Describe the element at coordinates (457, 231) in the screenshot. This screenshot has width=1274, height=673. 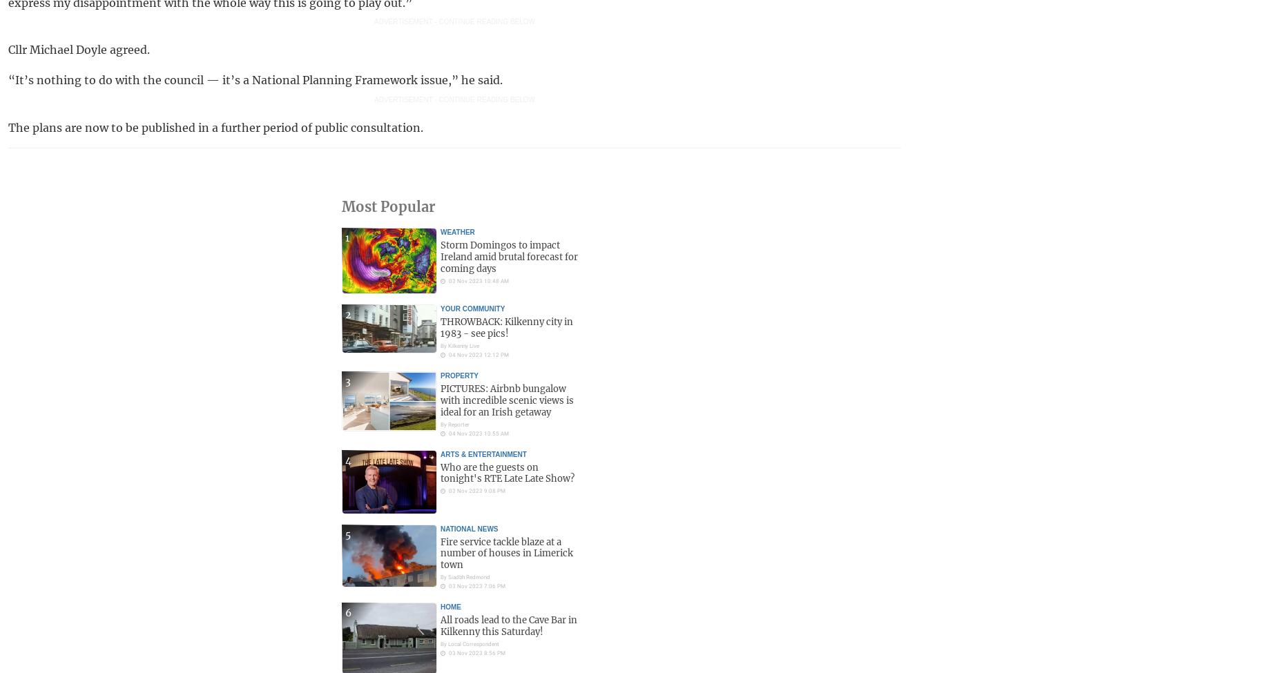
I see `'Weather'` at that location.